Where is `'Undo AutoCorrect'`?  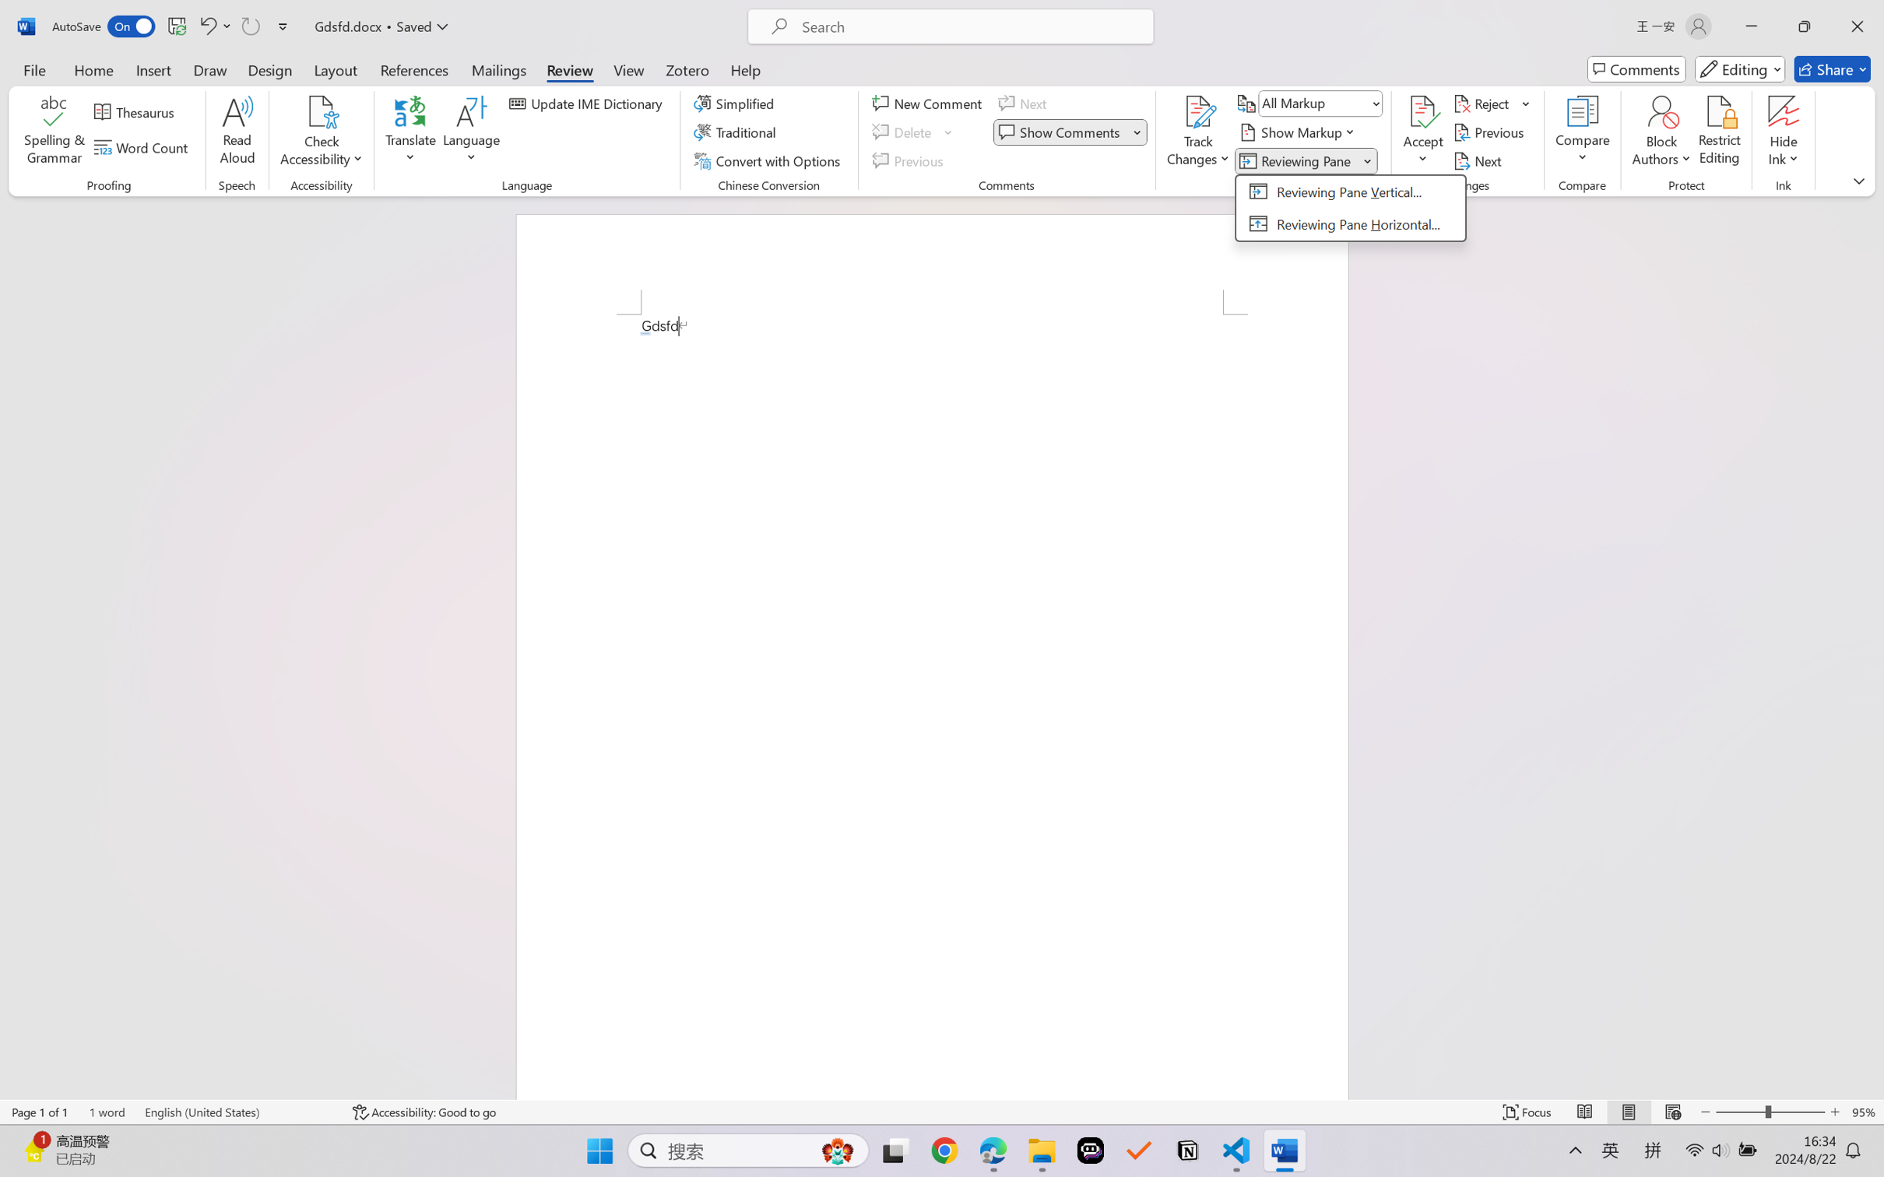 'Undo AutoCorrect' is located at coordinates (213, 26).